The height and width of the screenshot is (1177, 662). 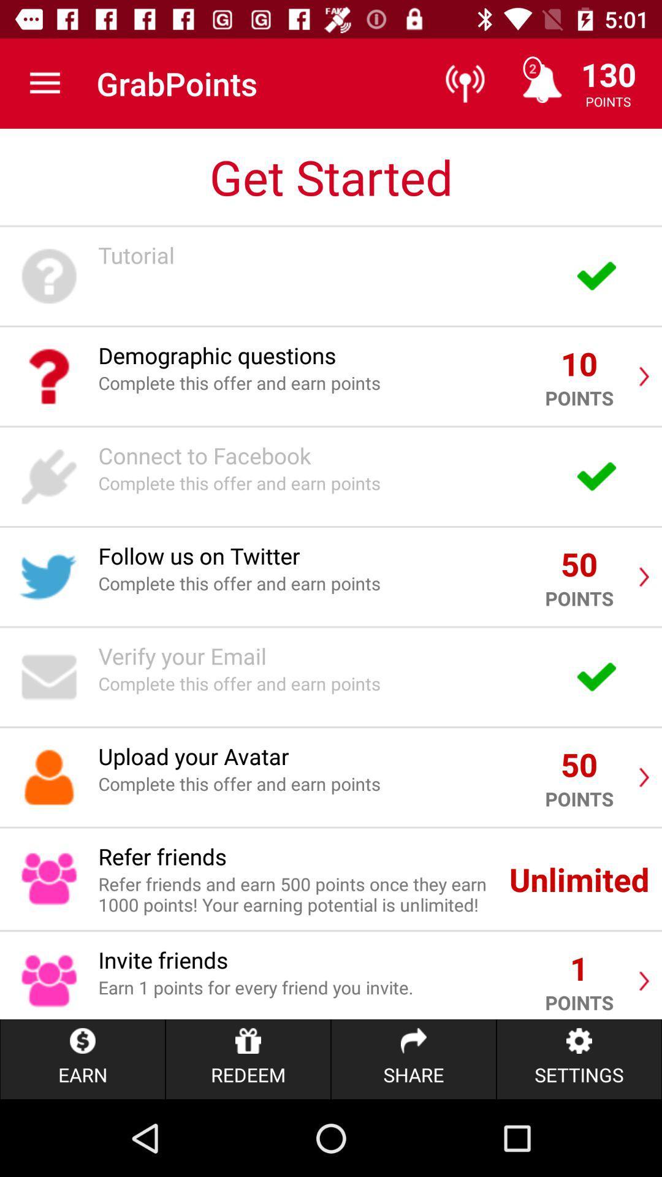 I want to click on the icon to the left of the grabpoints, so click(x=44, y=83).